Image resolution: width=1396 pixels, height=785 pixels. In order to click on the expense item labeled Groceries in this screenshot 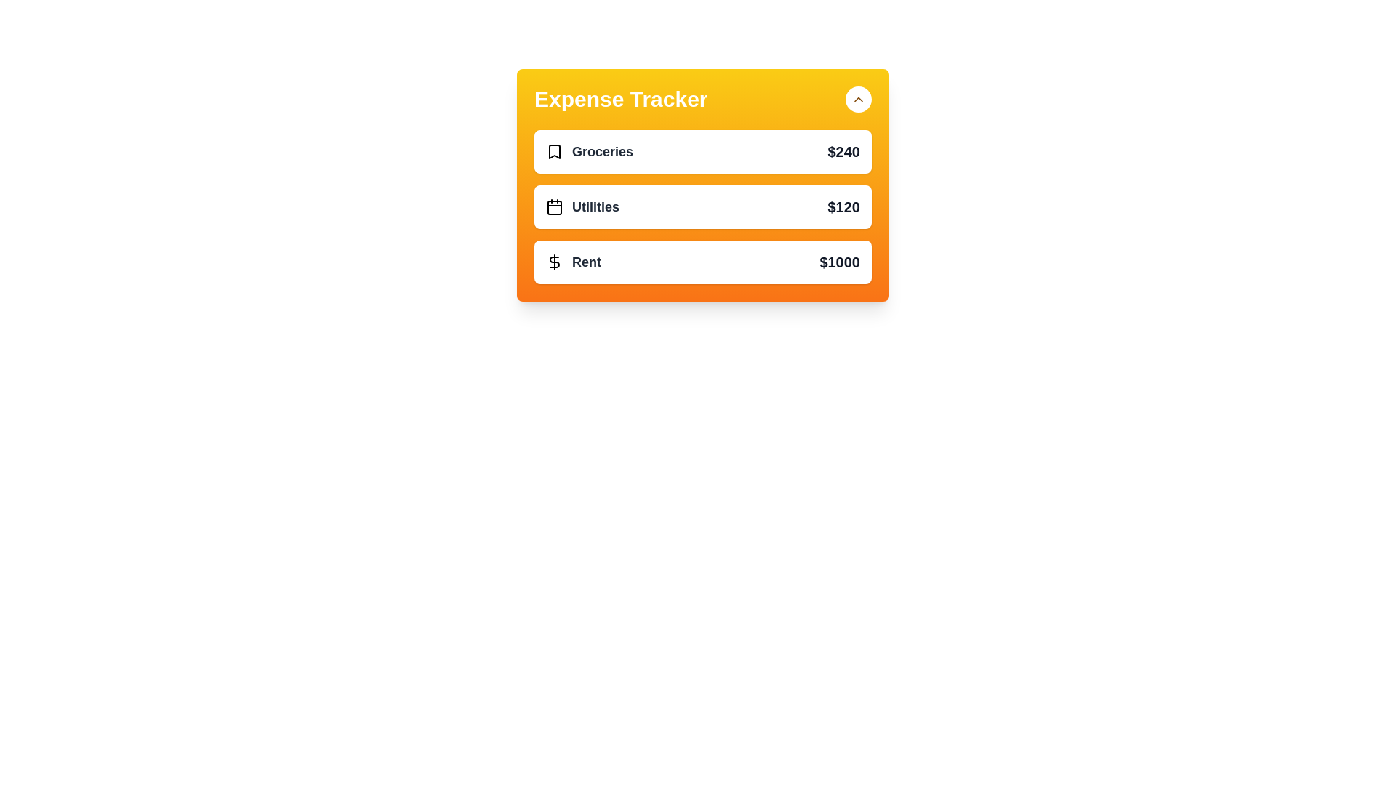, I will do `click(702, 151)`.